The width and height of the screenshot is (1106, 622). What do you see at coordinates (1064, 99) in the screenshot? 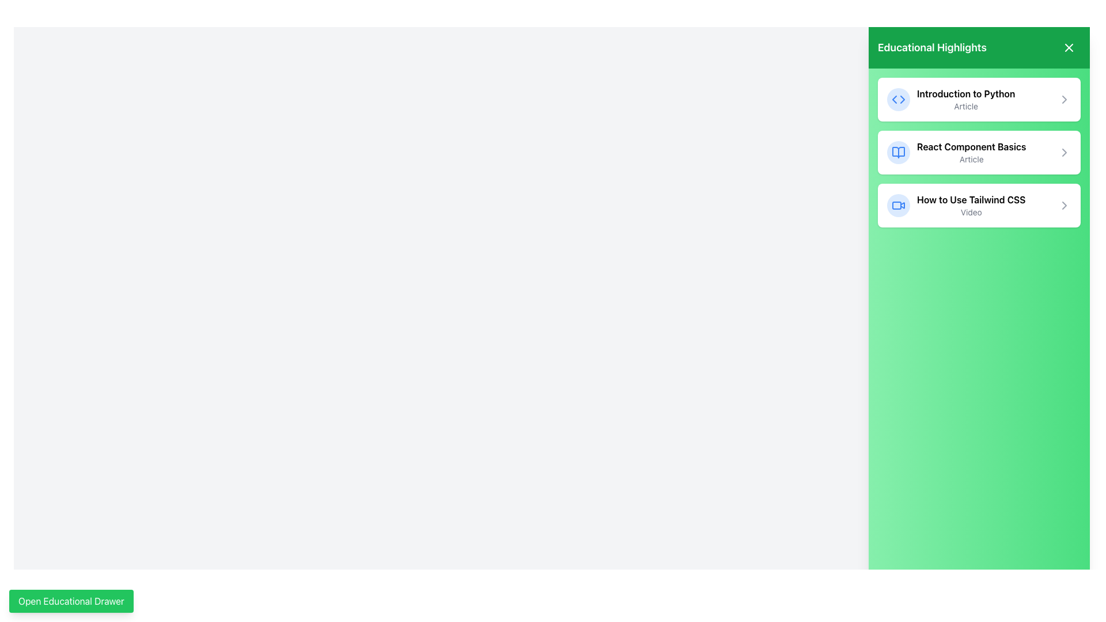
I see `the right-pointing chevron icon styled in light gray, which is positioned to denote actionability next to the text 'Introduction to Python'` at bounding box center [1064, 99].